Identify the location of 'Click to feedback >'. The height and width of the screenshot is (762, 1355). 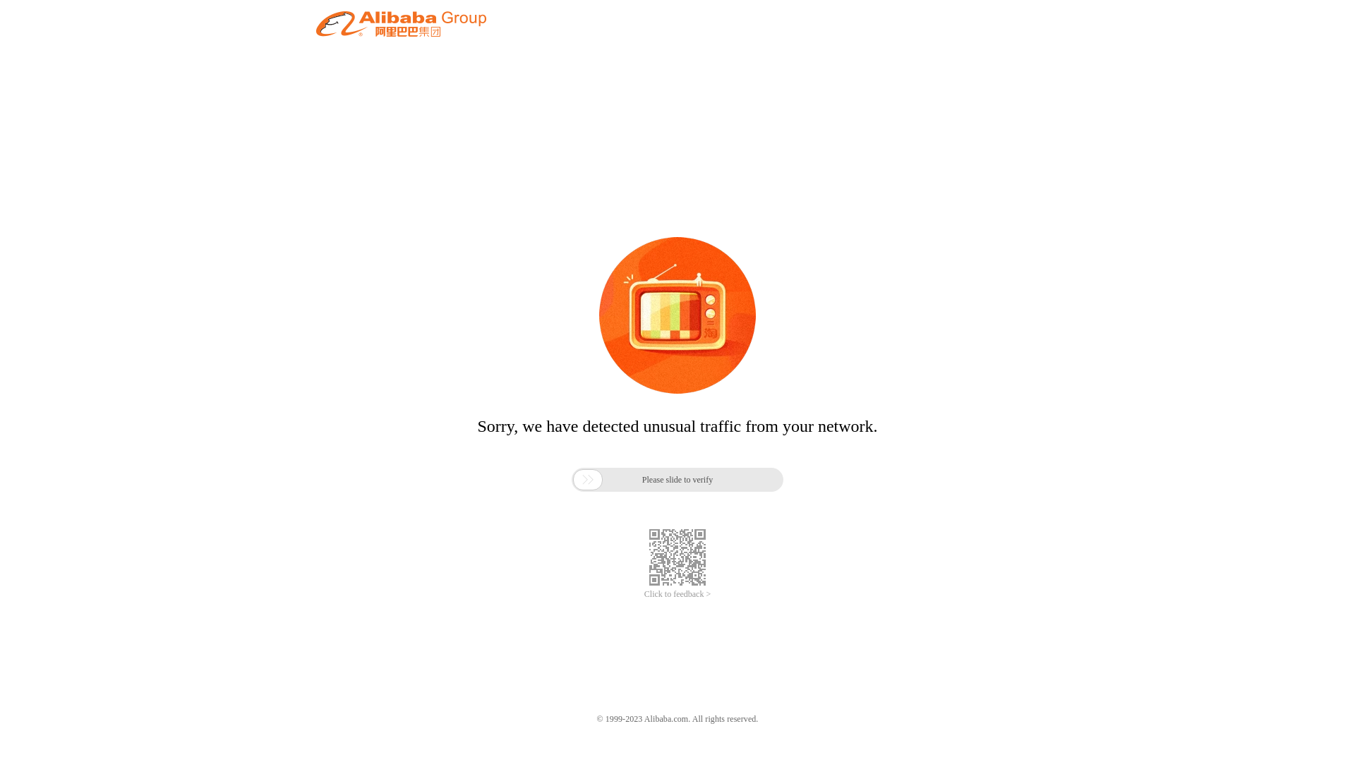
(677, 594).